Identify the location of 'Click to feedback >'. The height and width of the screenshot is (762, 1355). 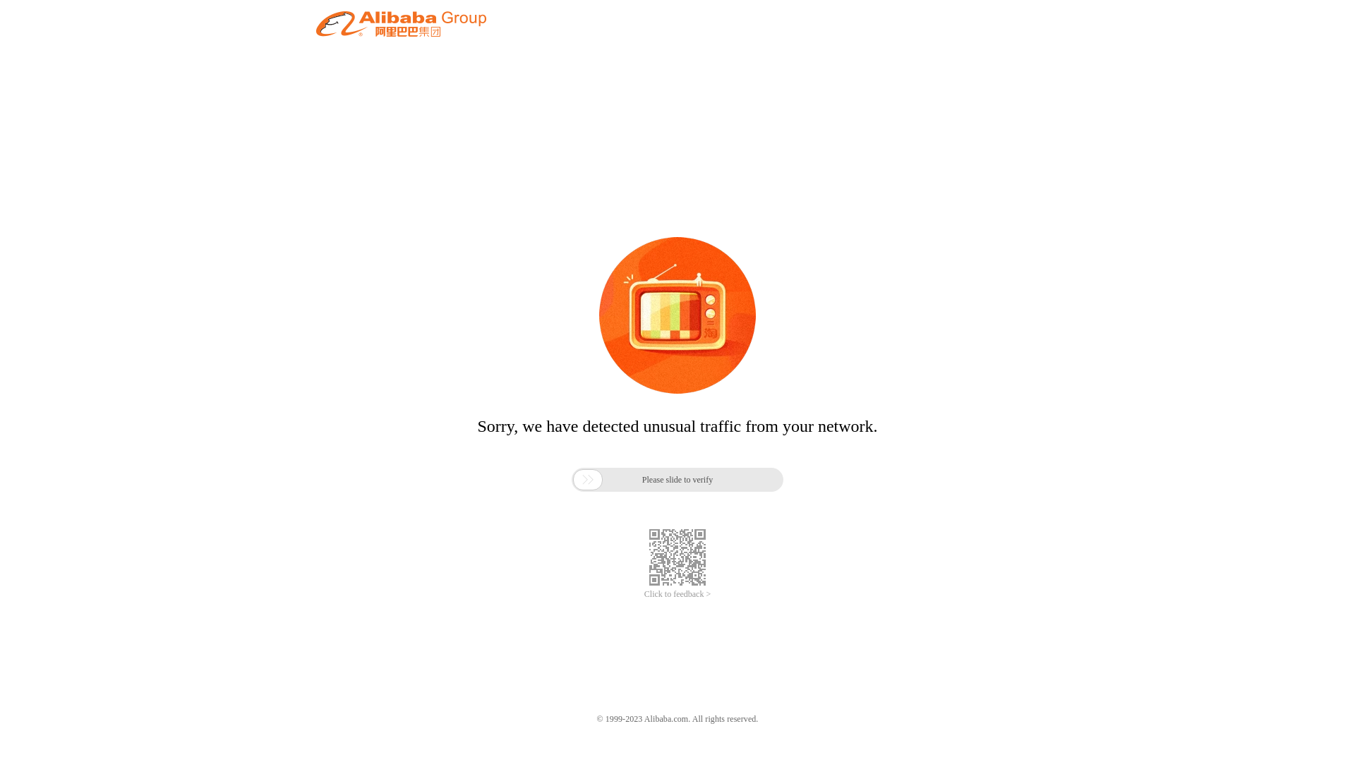
(677, 594).